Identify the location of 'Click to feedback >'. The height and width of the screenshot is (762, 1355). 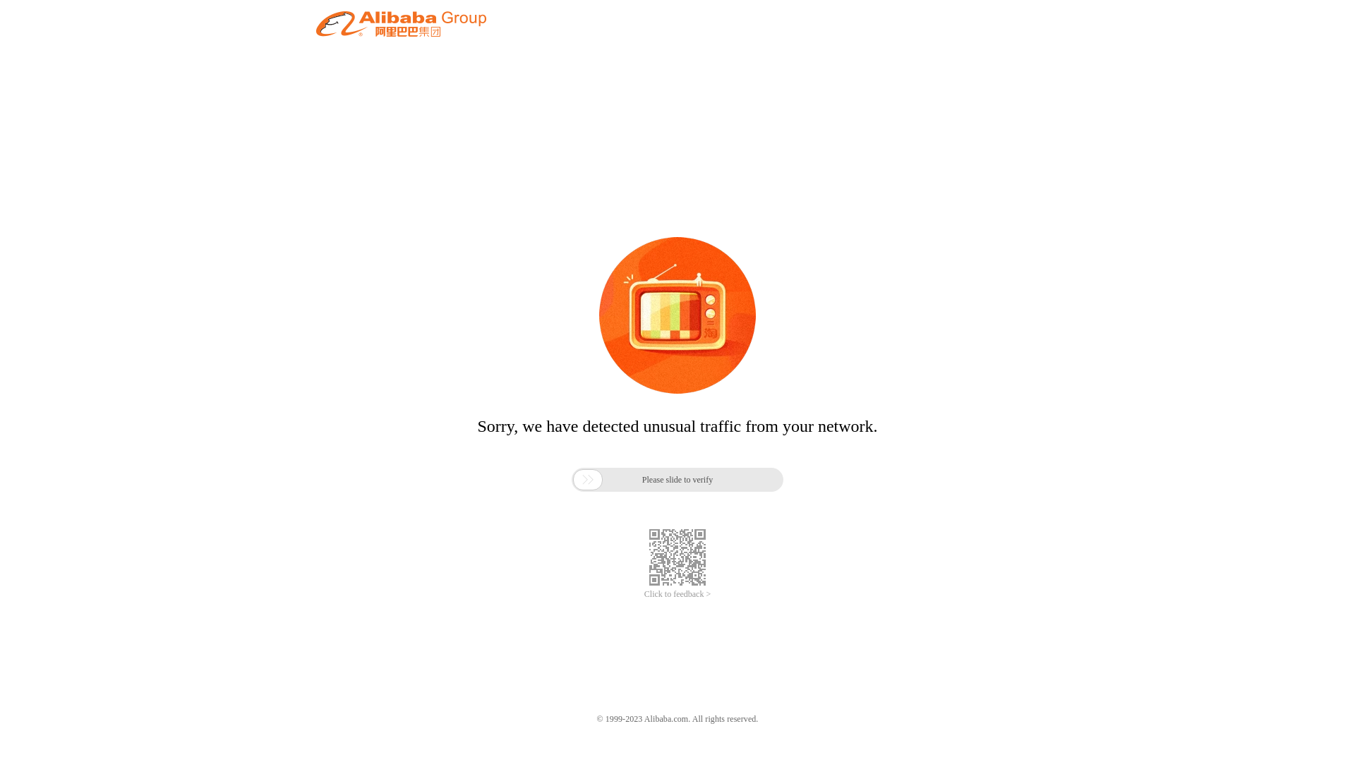
(677, 594).